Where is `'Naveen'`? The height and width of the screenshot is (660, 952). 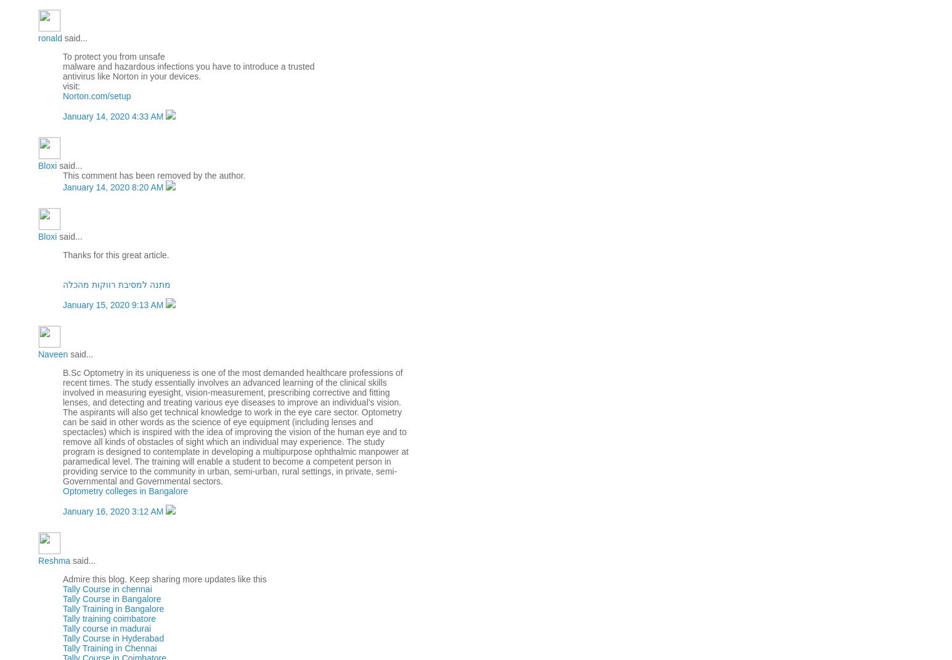 'Naveen' is located at coordinates (52, 353).